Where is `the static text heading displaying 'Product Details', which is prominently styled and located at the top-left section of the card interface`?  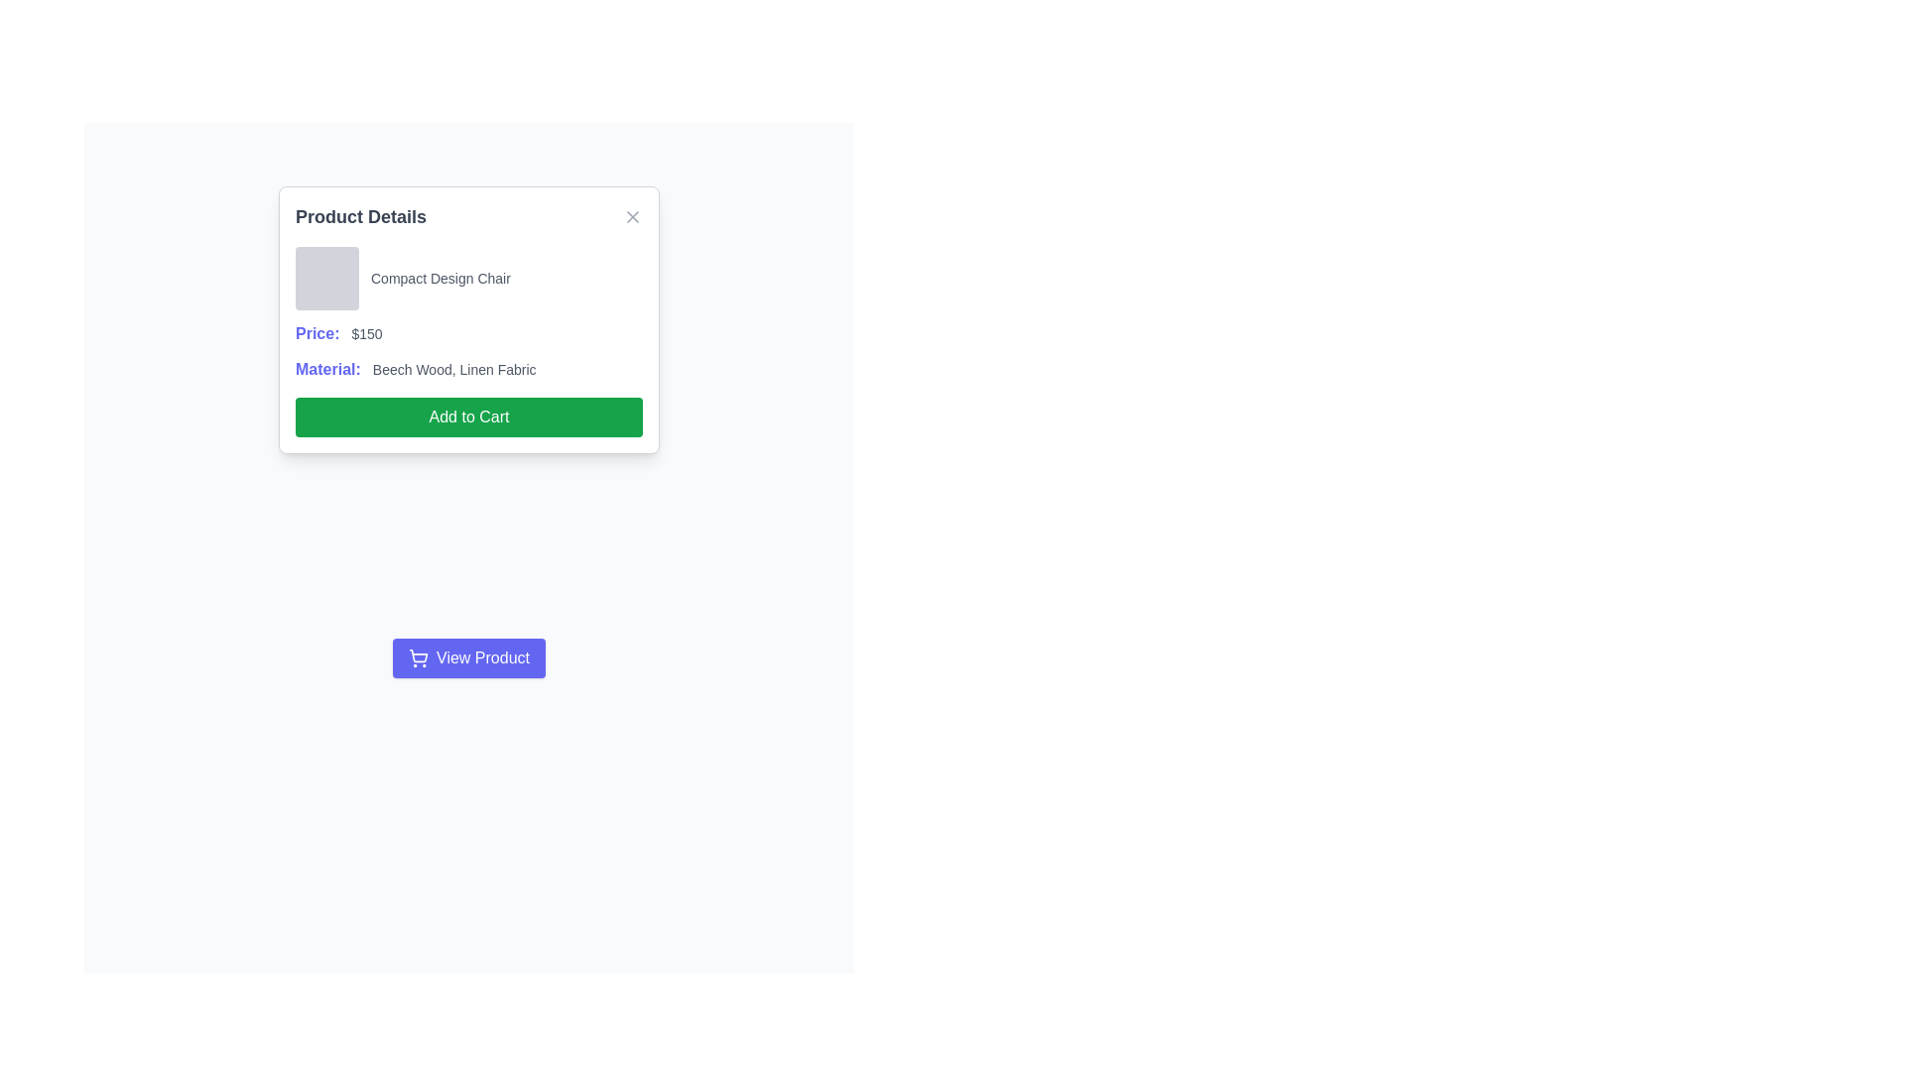
the static text heading displaying 'Product Details', which is prominently styled and located at the top-left section of the card interface is located at coordinates (361, 217).